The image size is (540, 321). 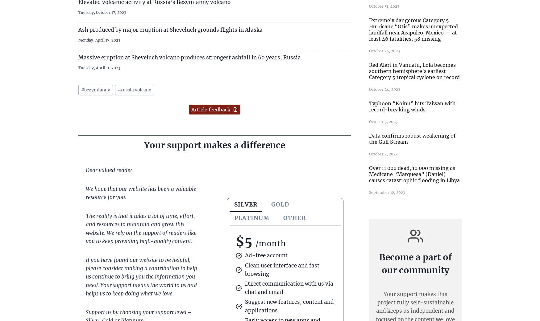 I want to click on 'October 31, 2023', so click(x=384, y=6).